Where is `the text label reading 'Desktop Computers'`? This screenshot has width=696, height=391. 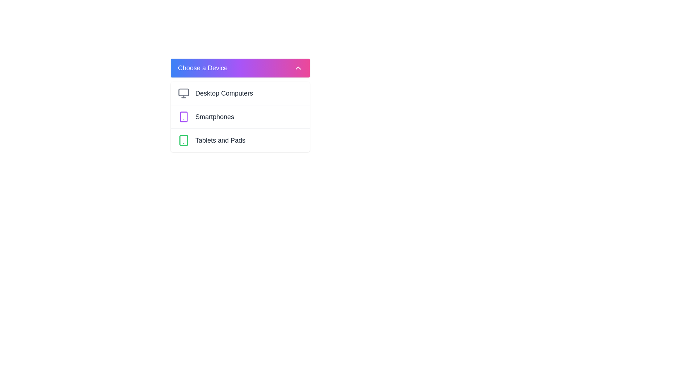
the text label reading 'Desktop Computers' is located at coordinates (224, 93).